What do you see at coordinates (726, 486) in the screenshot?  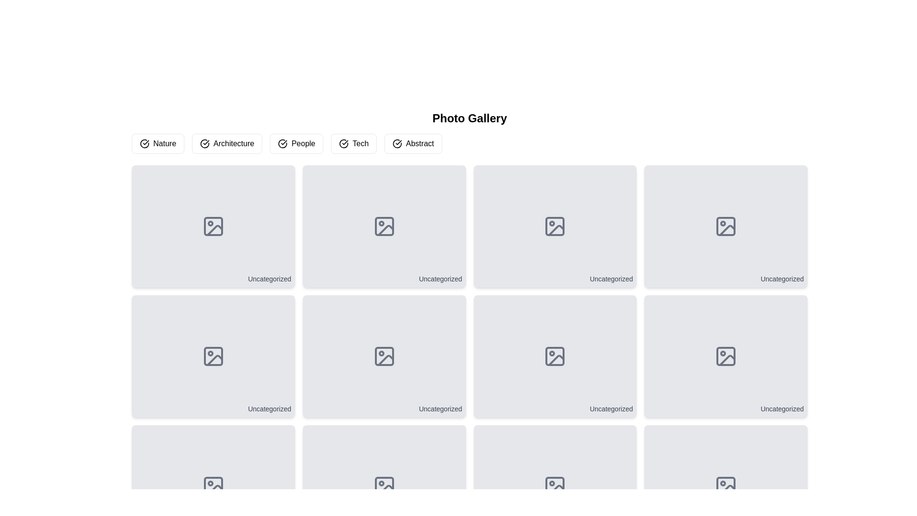 I see `the generic image icon located in the bottom-right tile of the 3-row grid layout, labeled 'Uncategorized'` at bounding box center [726, 486].